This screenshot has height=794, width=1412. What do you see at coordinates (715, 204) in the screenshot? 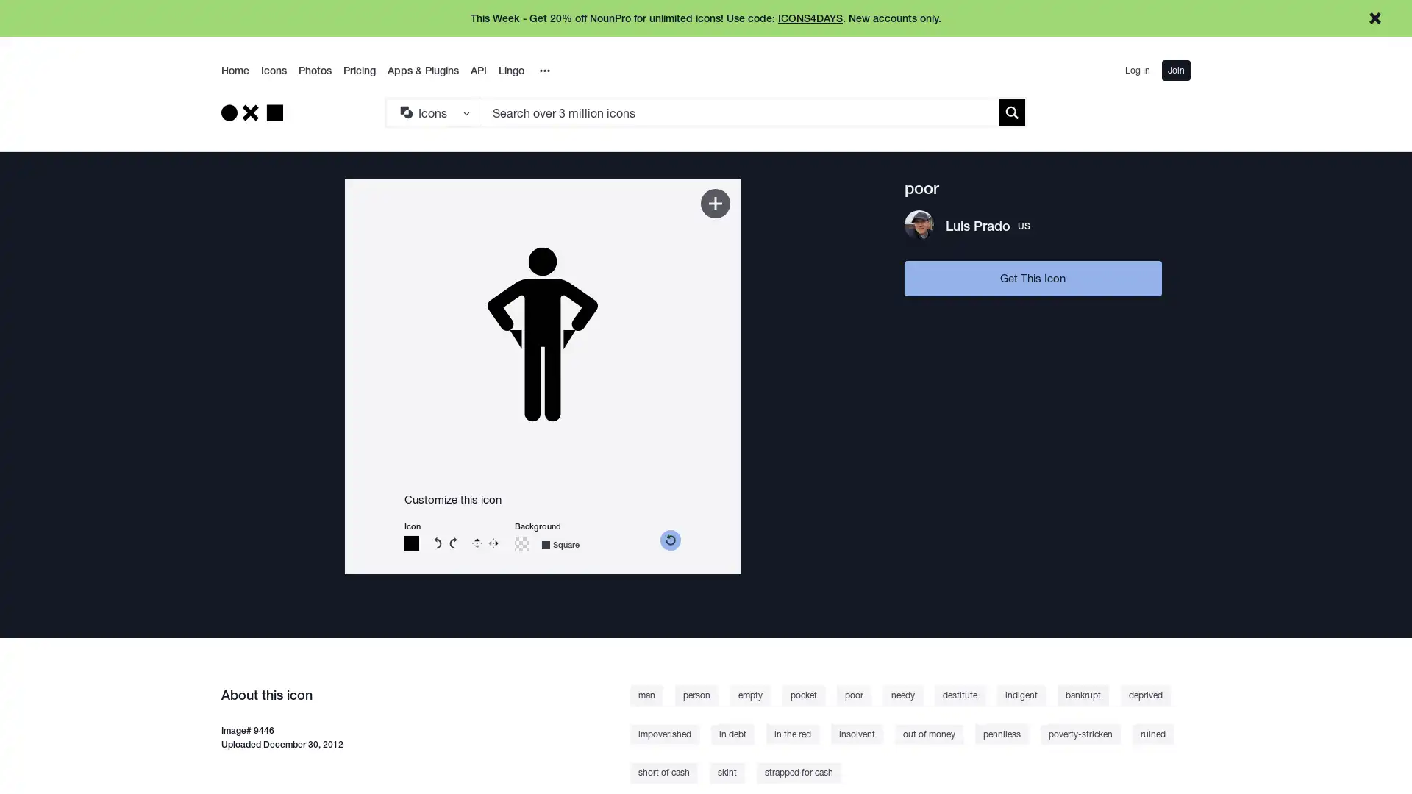
I see `Add to Kit` at bounding box center [715, 204].